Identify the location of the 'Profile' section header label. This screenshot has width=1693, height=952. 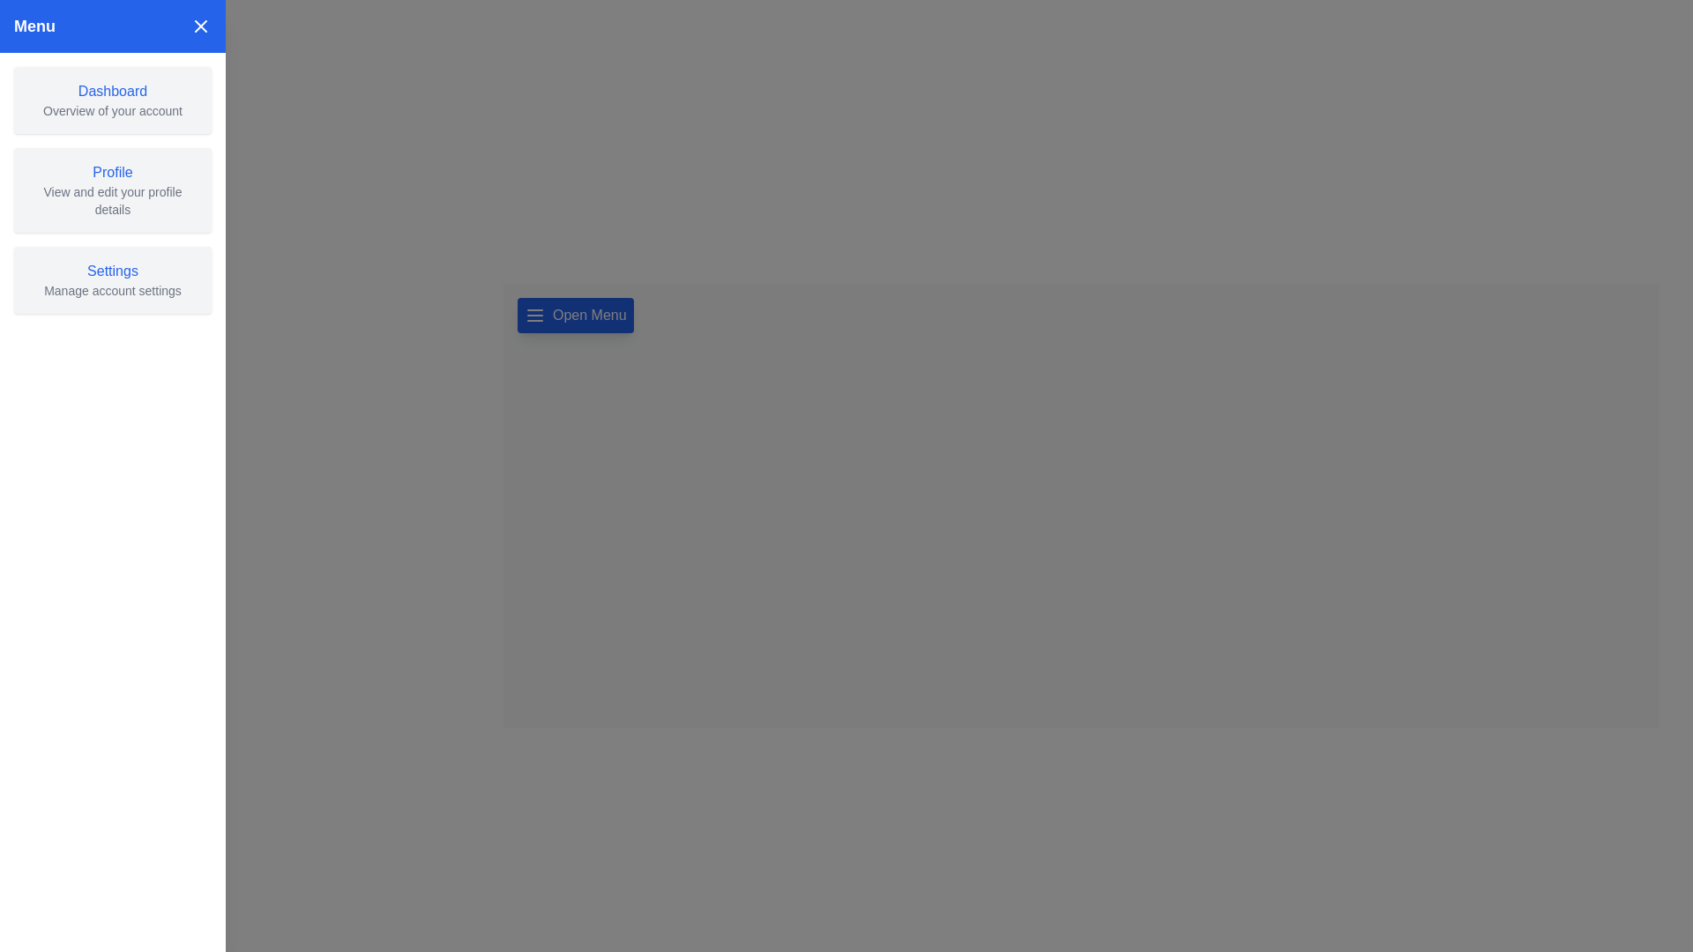
(112, 173).